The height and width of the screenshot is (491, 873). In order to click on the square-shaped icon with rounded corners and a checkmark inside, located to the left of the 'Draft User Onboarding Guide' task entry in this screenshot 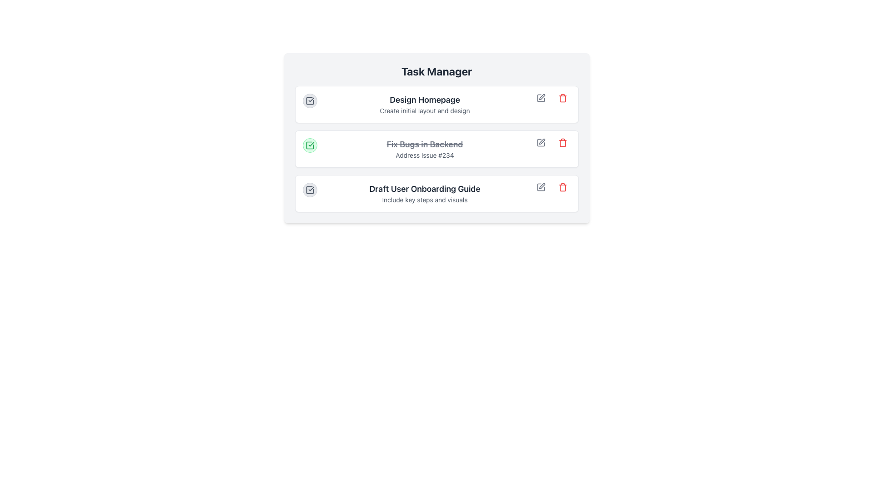, I will do `click(310, 189)`.